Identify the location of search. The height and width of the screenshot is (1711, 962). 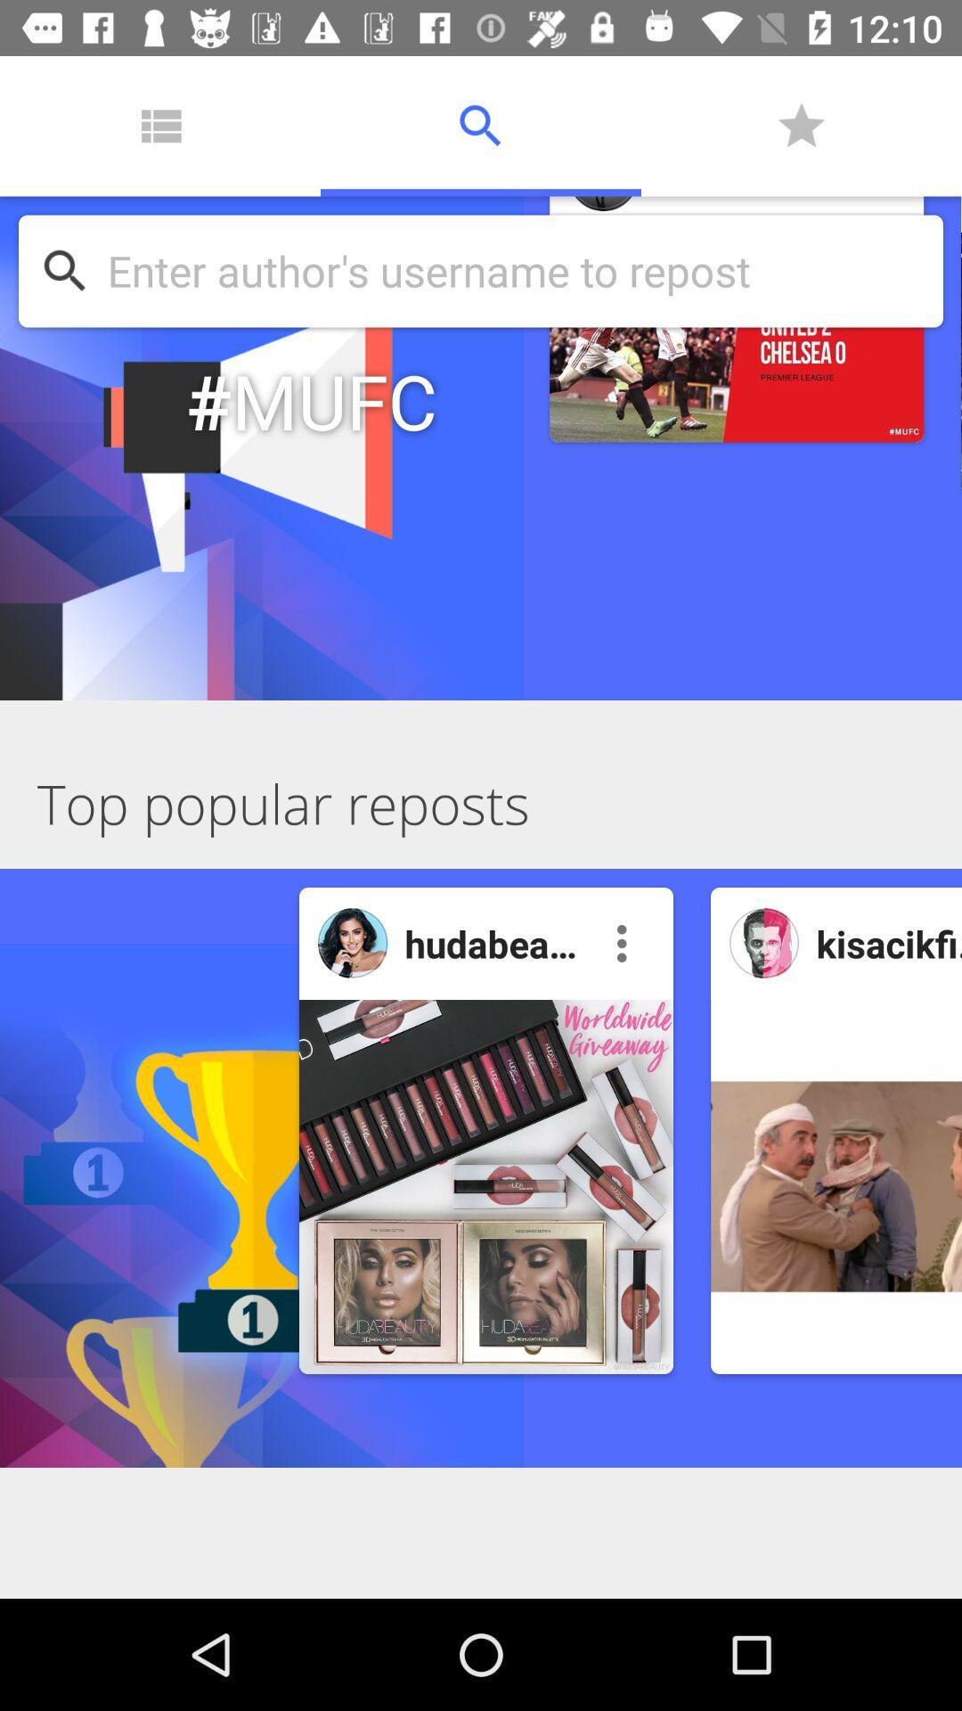
(516, 270).